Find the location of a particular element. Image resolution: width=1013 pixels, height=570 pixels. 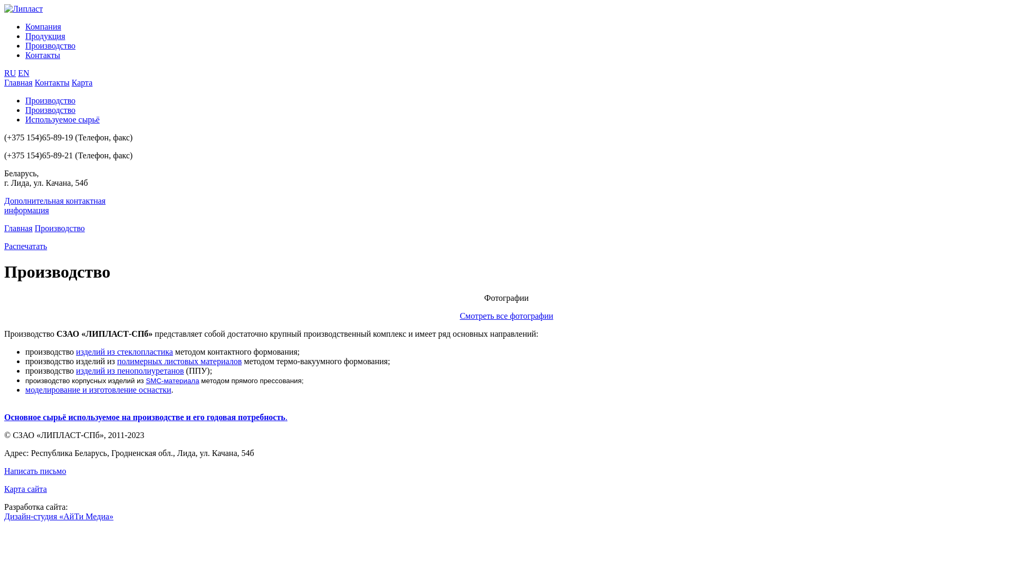

'EN' is located at coordinates (23, 72).